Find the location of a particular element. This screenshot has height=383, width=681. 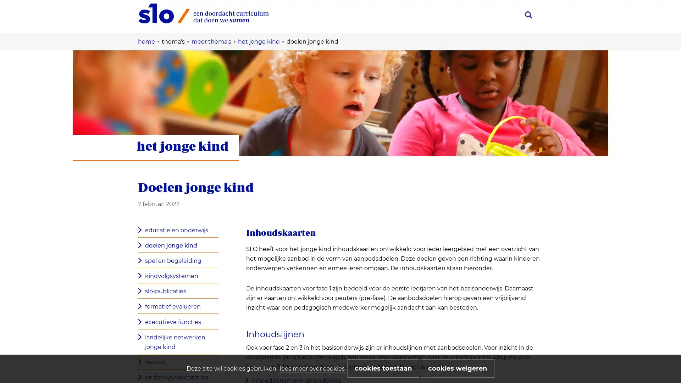

cookies weigeren is located at coordinates (458, 368).